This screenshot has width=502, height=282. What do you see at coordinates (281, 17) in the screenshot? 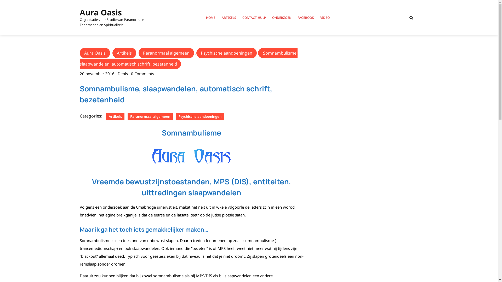
I see `'ONDERZOEK'` at bounding box center [281, 17].